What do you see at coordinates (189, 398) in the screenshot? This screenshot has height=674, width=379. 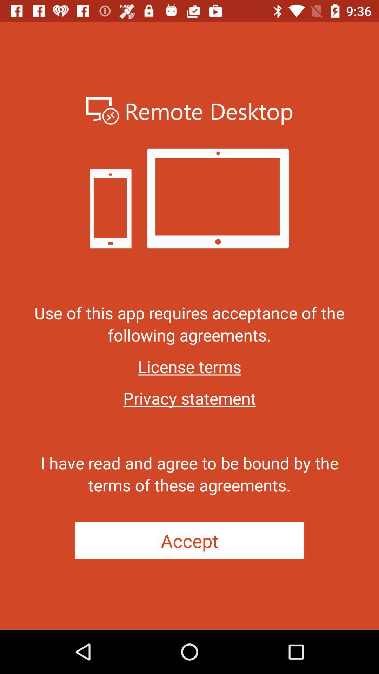 I see `item below license terms icon` at bounding box center [189, 398].